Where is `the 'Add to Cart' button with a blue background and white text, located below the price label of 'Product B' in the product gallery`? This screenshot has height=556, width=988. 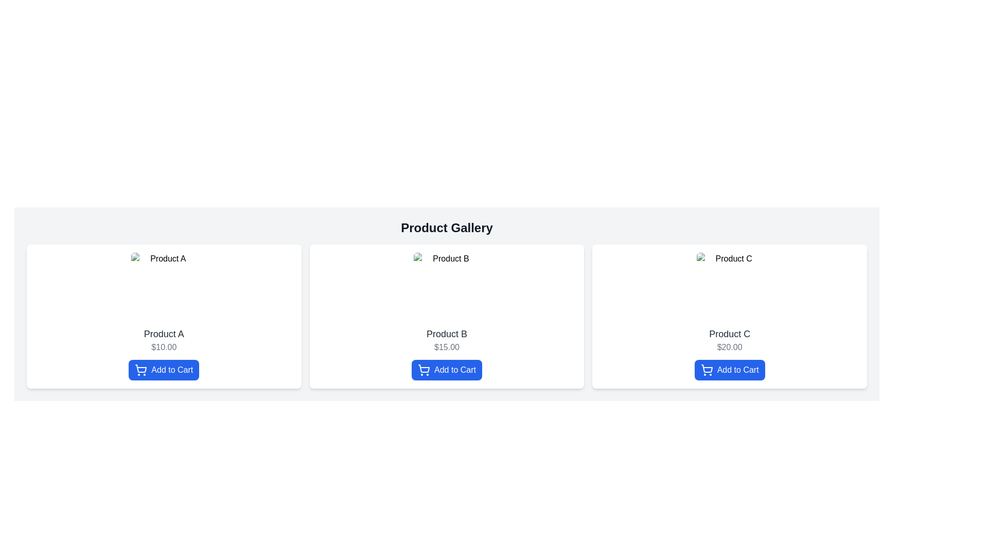
the 'Add to Cart' button with a blue background and white text, located below the price label of 'Product B' in the product gallery is located at coordinates (447, 369).